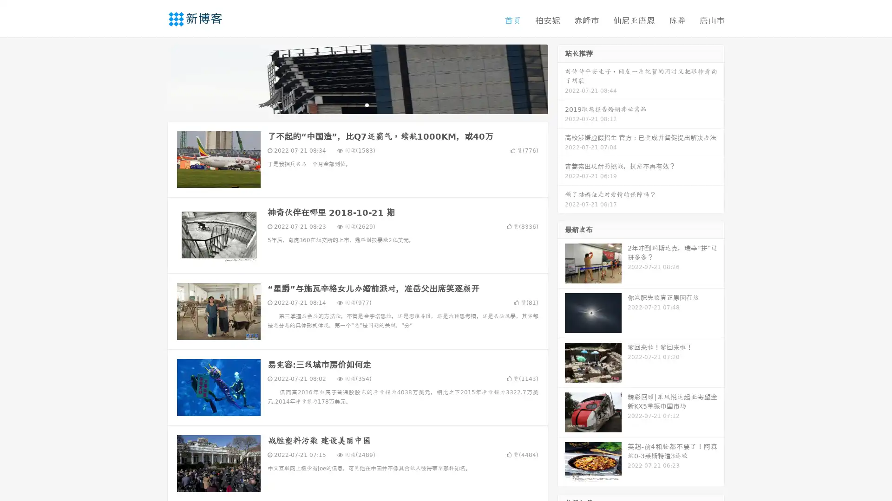 The width and height of the screenshot is (892, 501). I want to click on Previous slide, so click(153, 78).